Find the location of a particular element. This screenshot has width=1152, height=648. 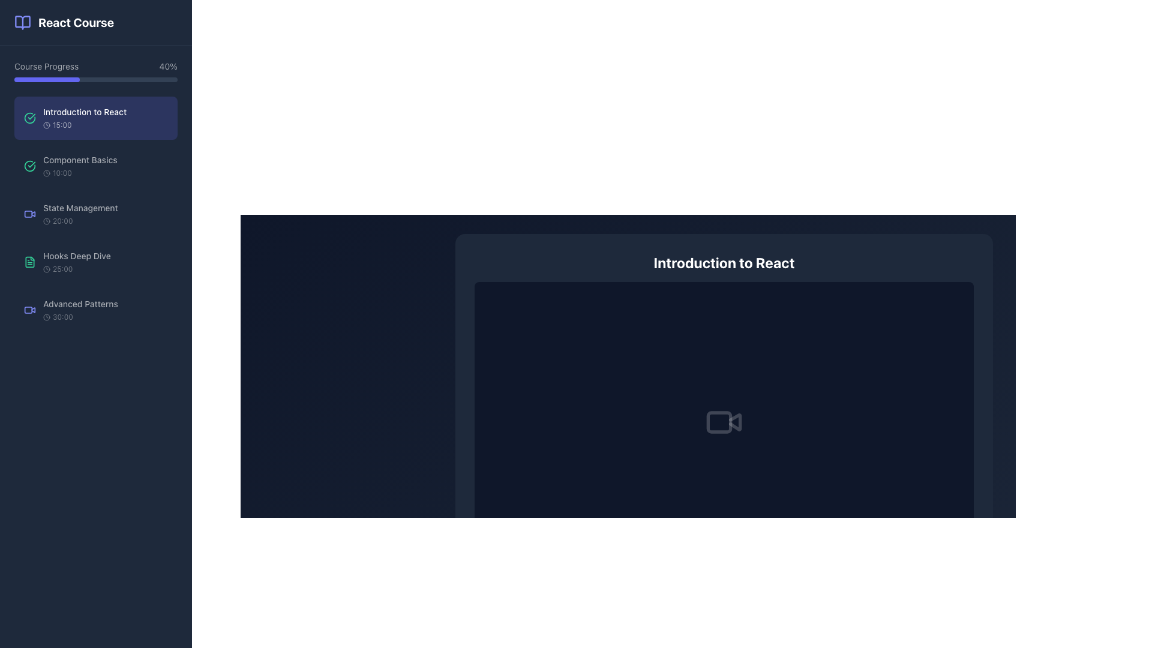

the text display block titled 'State Management' in the sidebar under 'Course Progress' is located at coordinates (106, 214).